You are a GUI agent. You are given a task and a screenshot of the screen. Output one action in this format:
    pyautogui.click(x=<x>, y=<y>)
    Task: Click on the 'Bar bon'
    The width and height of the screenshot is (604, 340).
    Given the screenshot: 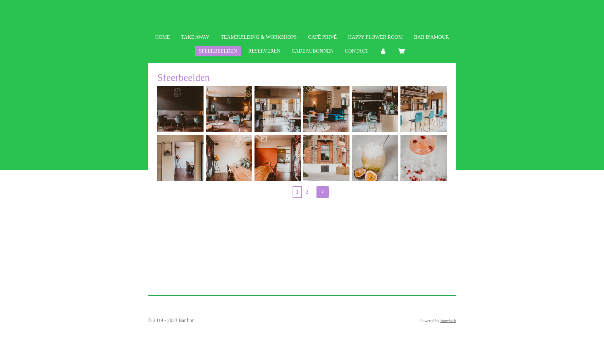 What is the action you would take?
    pyautogui.click(x=286, y=15)
    